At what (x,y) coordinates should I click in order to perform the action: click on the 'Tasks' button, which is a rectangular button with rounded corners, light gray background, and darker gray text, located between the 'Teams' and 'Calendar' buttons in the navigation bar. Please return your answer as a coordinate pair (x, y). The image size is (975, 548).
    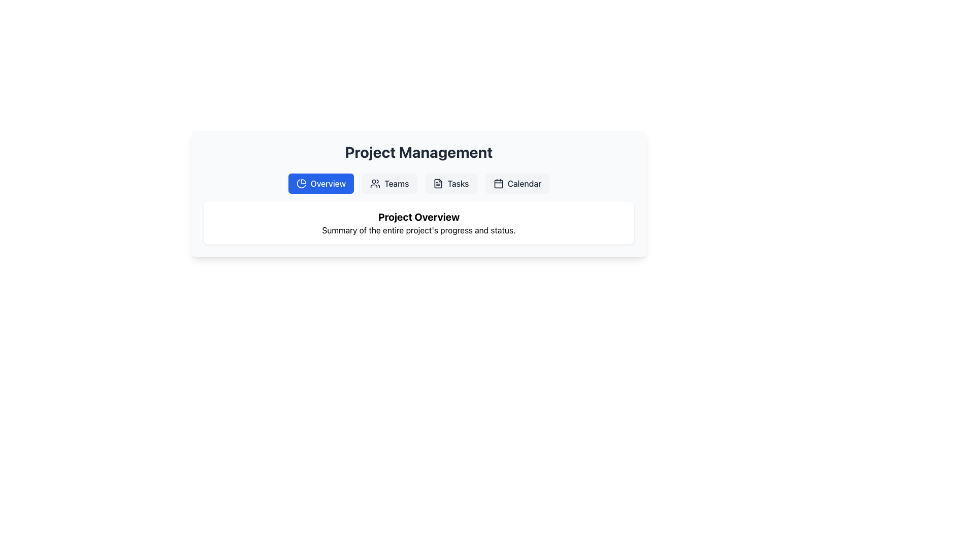
    Looking at the image, I should click on (450, 184).